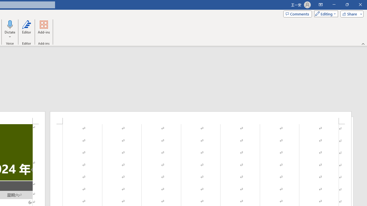 The image size is (367, 206). What do you see at coordinates (350, 13) in the screenshot?
I see `'Share'` at bounding box center [350, 13].